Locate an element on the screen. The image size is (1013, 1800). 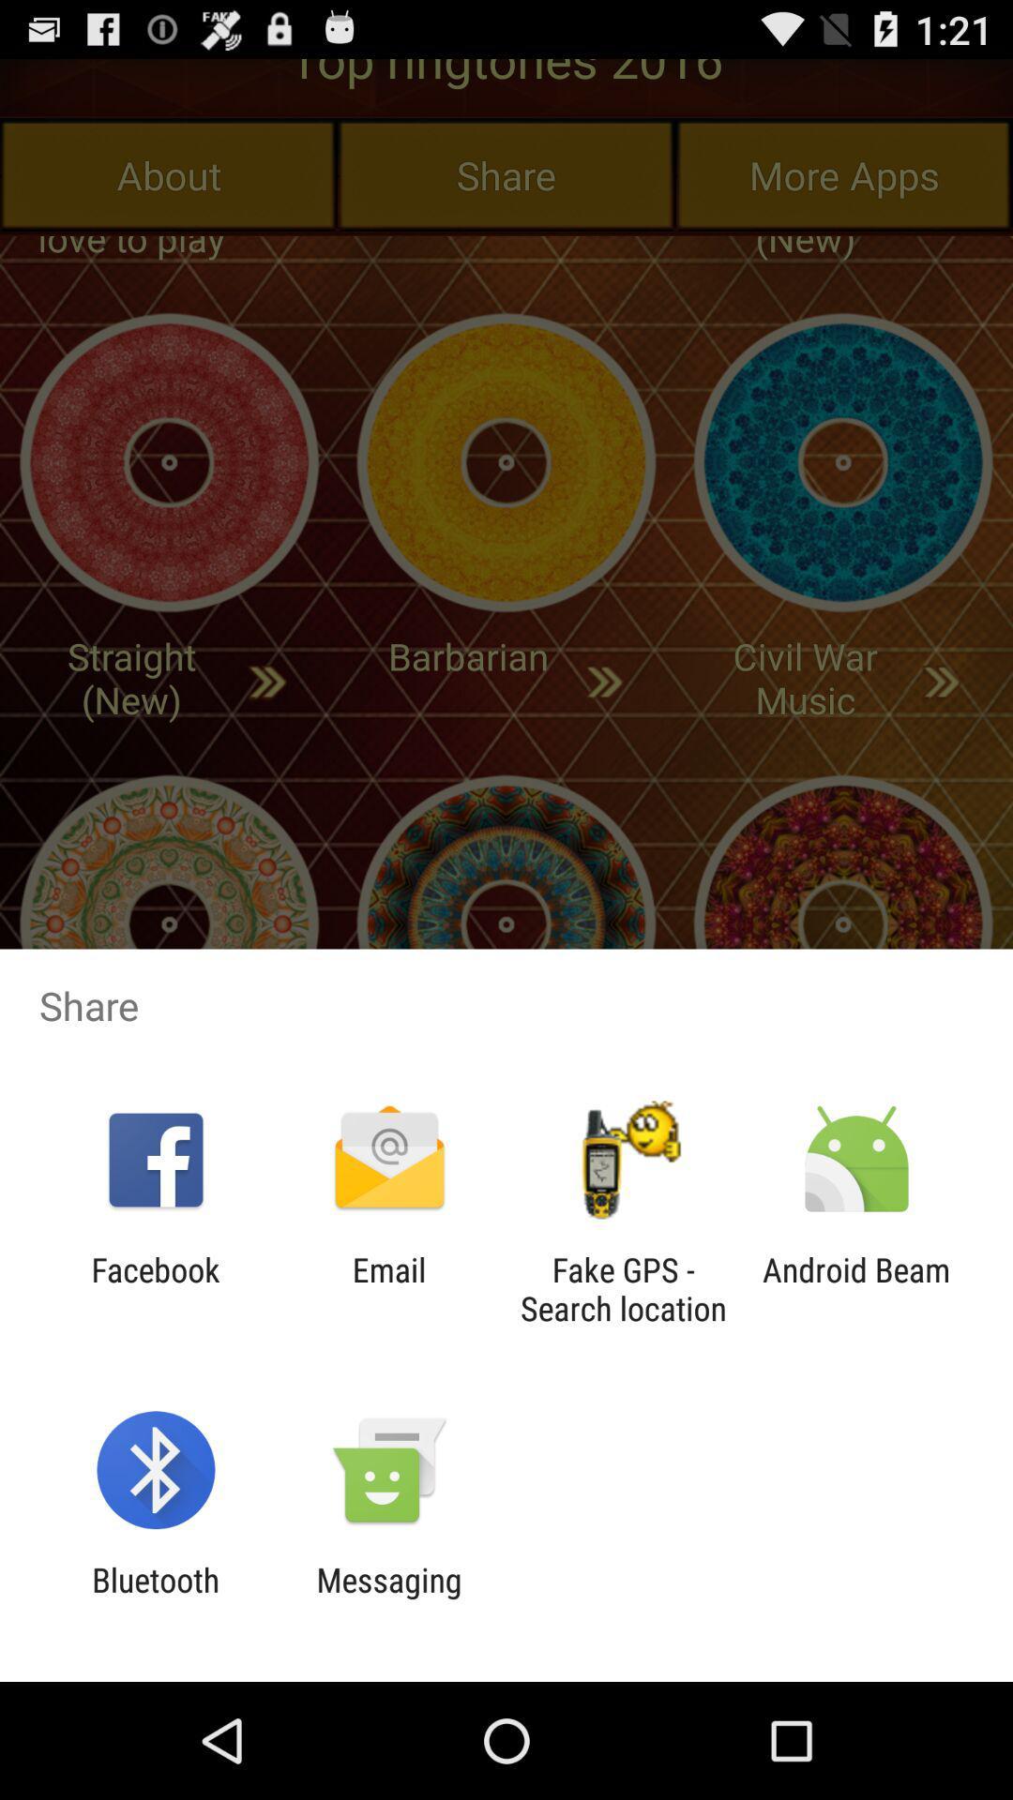
item next to the email app is located at coordinates (623, 1288).